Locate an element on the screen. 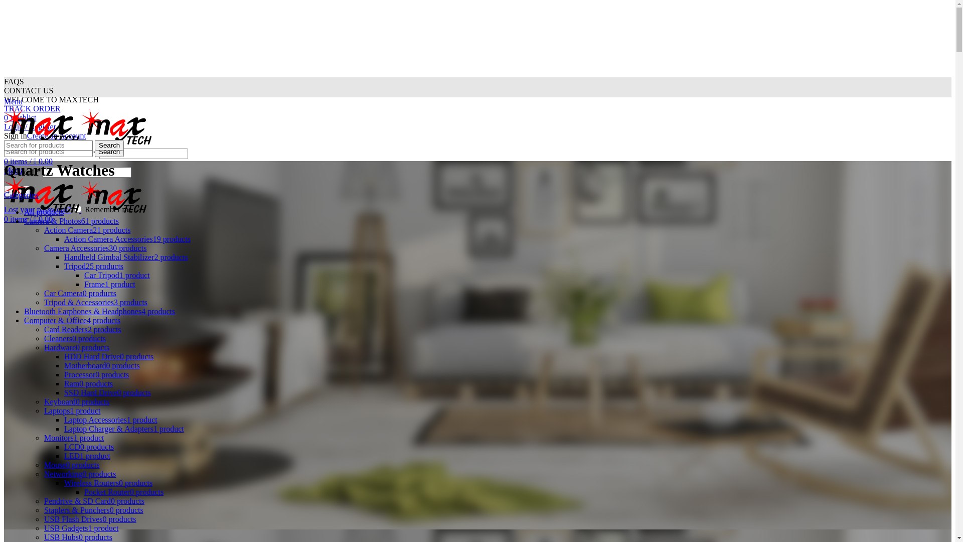 The width and height of the screenshot is (963, 542). 'Networking0 products' is located at coordinates (43, 474).